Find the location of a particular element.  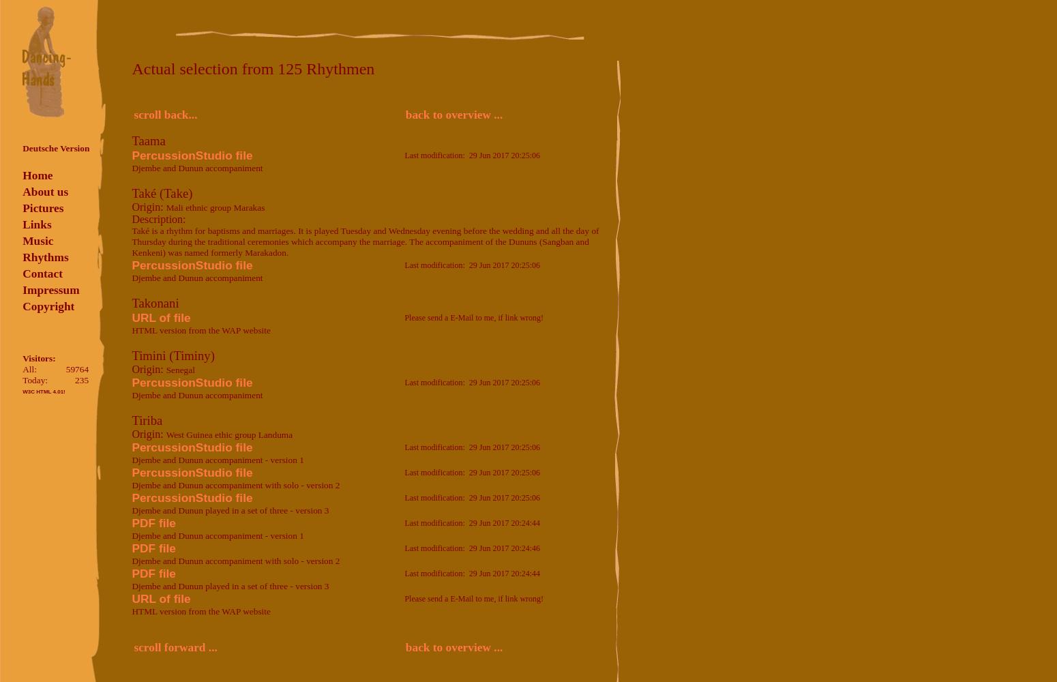

'59764' is located at coordinates (76, 369).